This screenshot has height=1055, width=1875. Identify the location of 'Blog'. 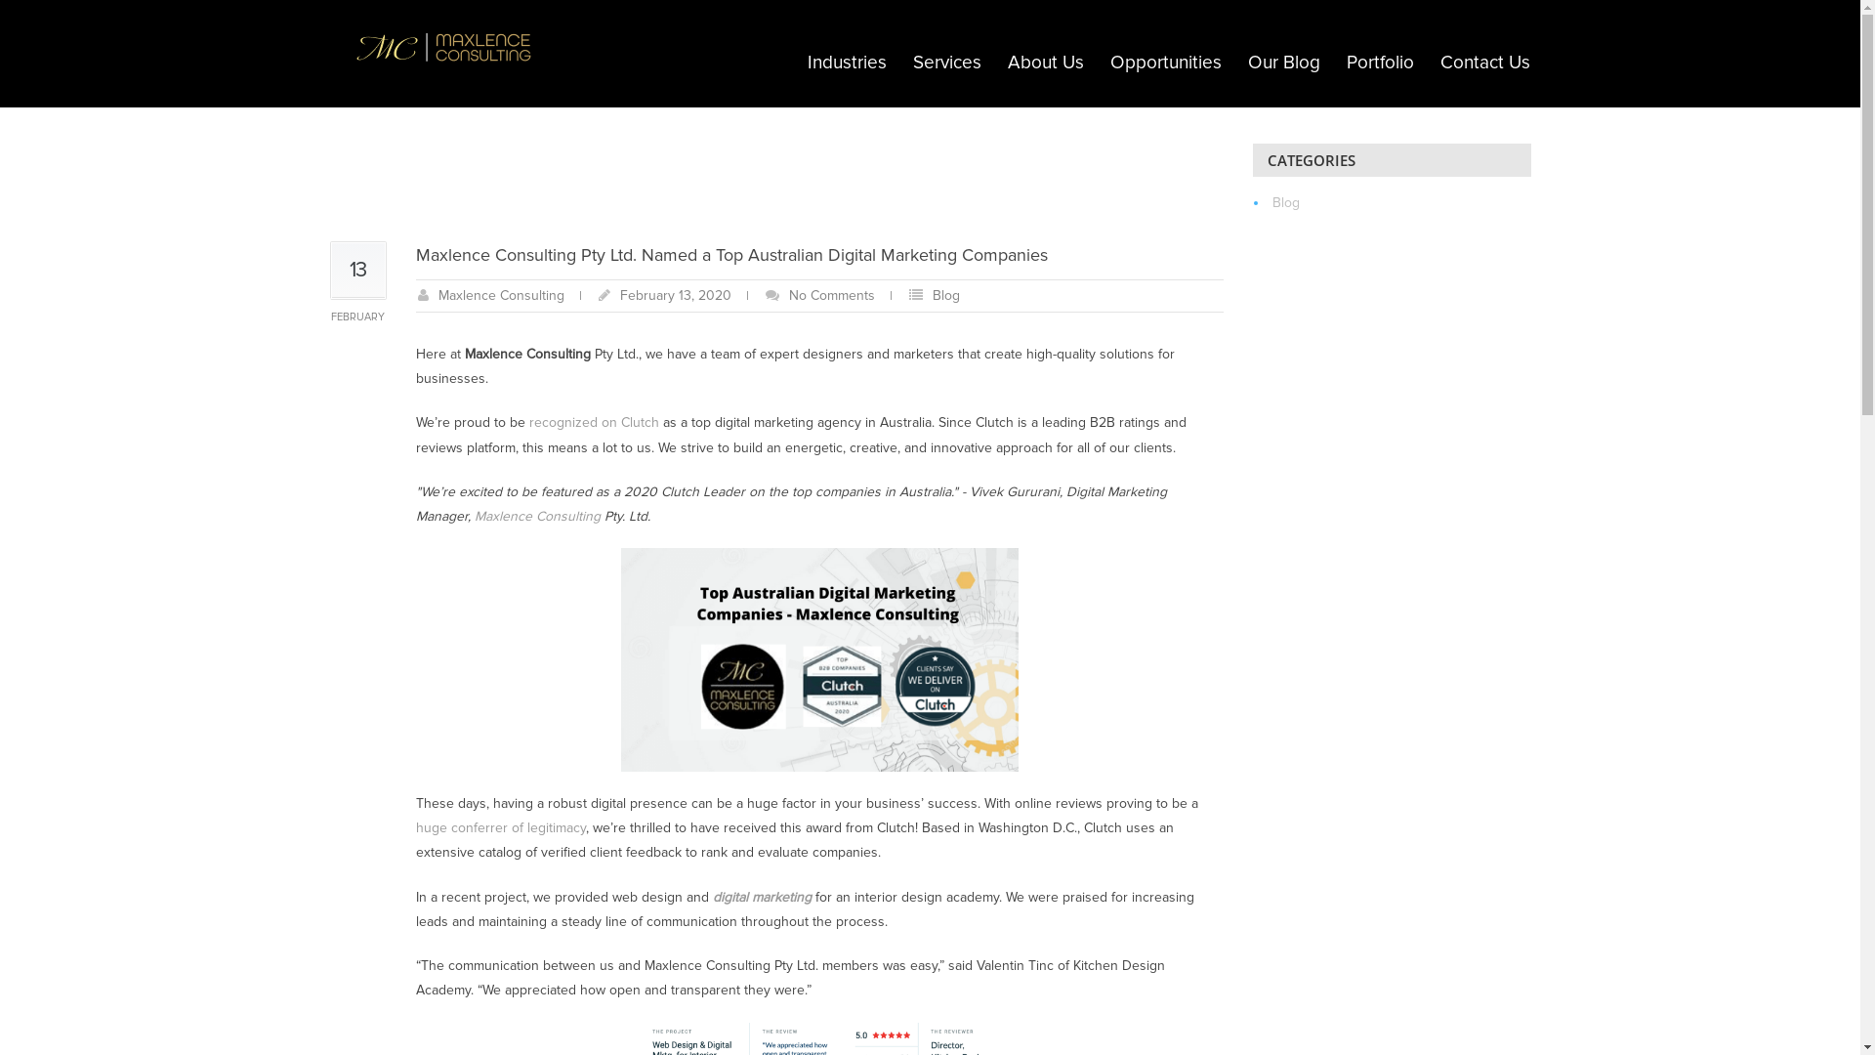
(945, 295).